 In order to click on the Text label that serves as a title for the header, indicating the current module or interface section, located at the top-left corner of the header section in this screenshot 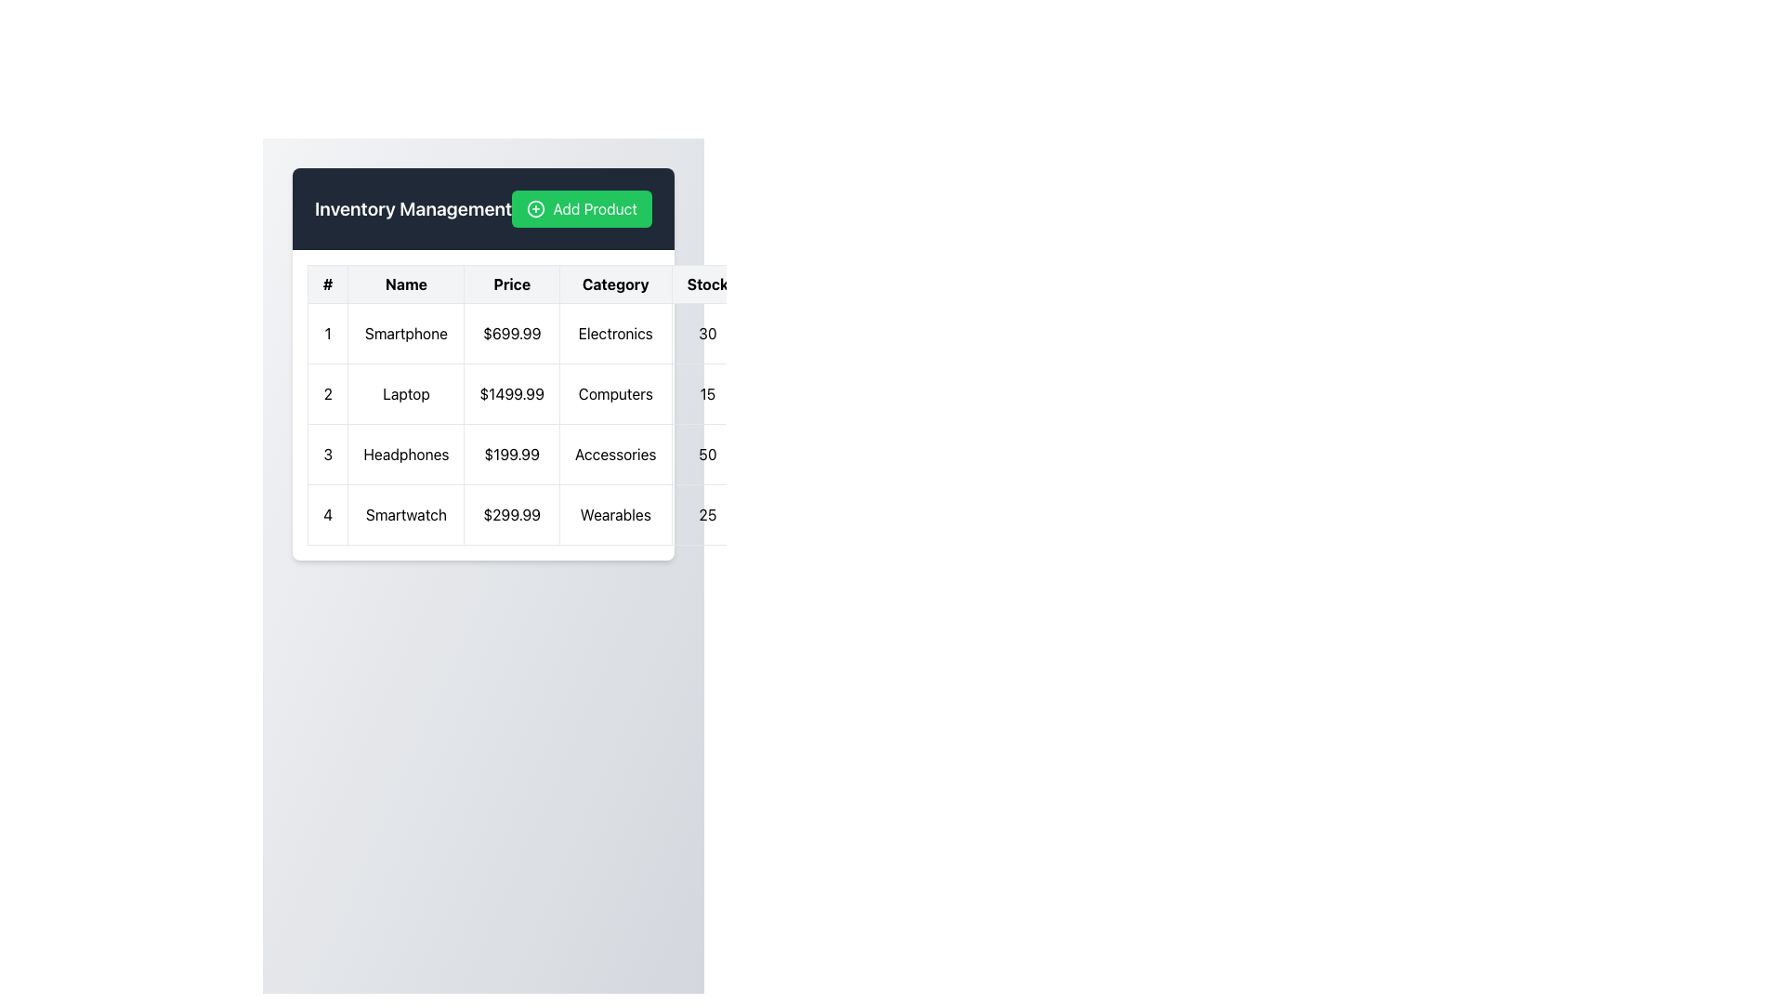, I will do `click(413, 208)`.